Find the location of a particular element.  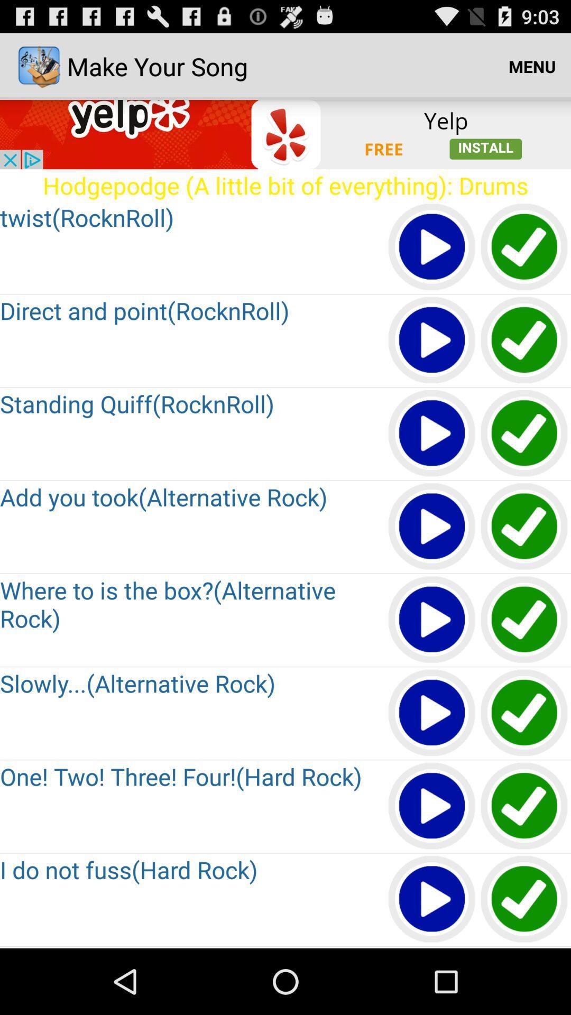

approve is located at coordinates (524, 247).